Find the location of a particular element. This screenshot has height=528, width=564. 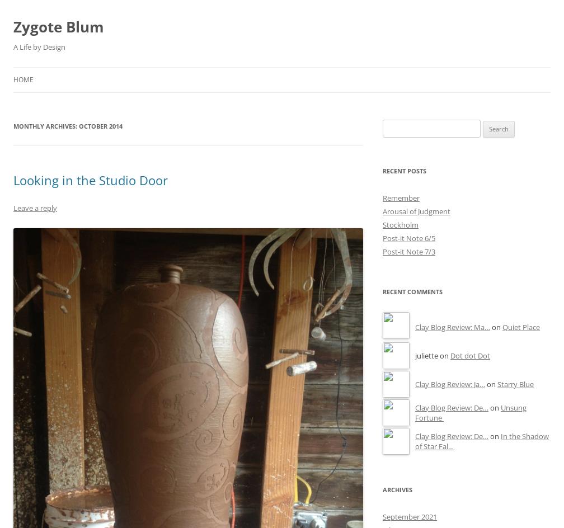

'Leave a reply' is located at coordinates (35, 207).